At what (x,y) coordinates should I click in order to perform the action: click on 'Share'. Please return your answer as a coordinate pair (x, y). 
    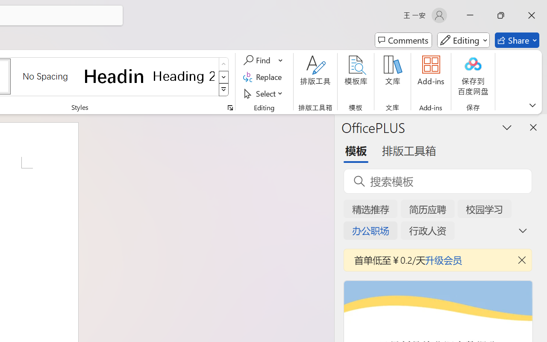
    Looking at the image, I should click on (517, 40).